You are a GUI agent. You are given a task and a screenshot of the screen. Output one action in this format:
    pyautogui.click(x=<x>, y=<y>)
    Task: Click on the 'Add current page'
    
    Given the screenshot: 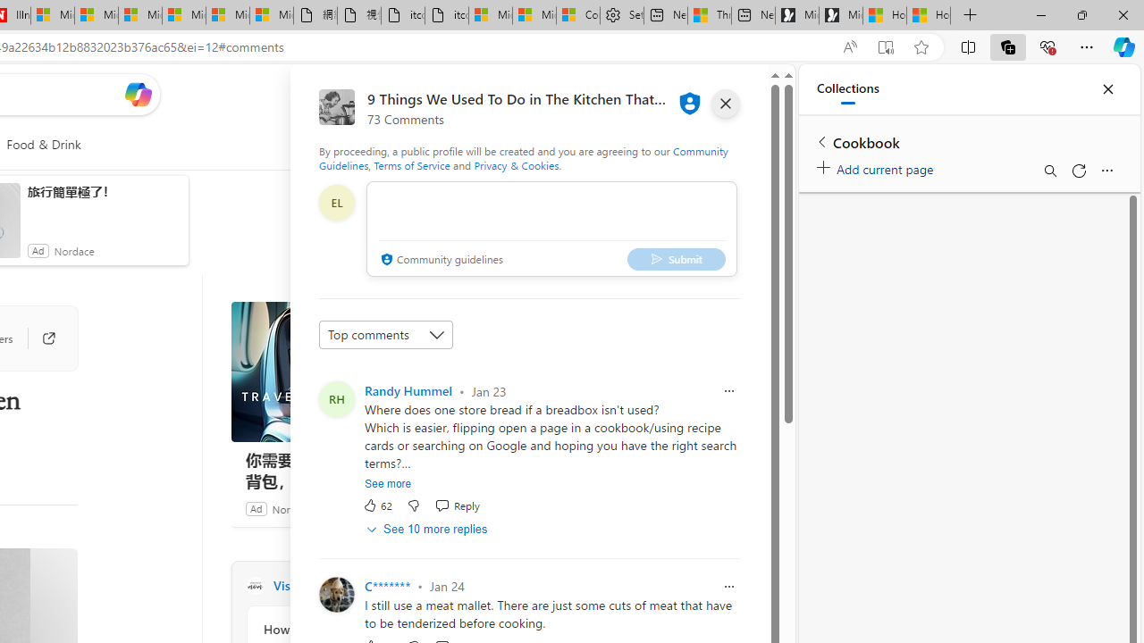 What is the action you would take?
    pyautogui.click(x=879, y=166)
    